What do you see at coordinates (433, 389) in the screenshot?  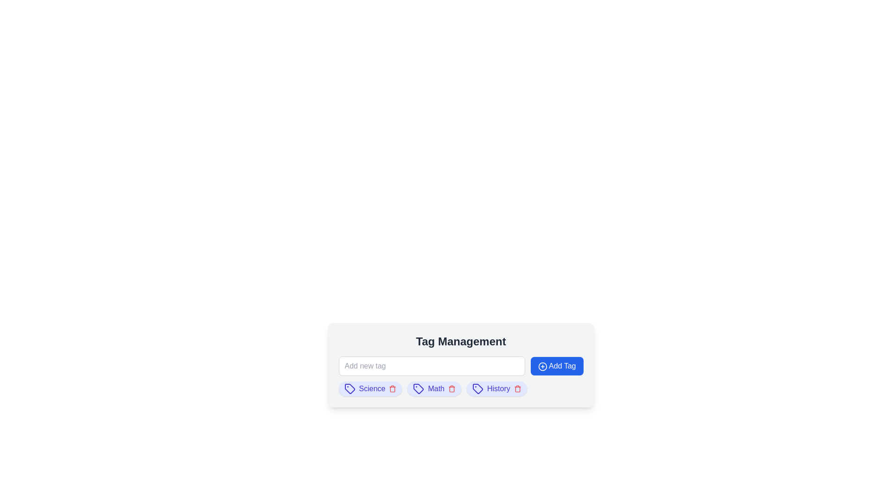 I see `the 'Math' tag button located in the bottom center of the interface` at bounding box center [433, 389].